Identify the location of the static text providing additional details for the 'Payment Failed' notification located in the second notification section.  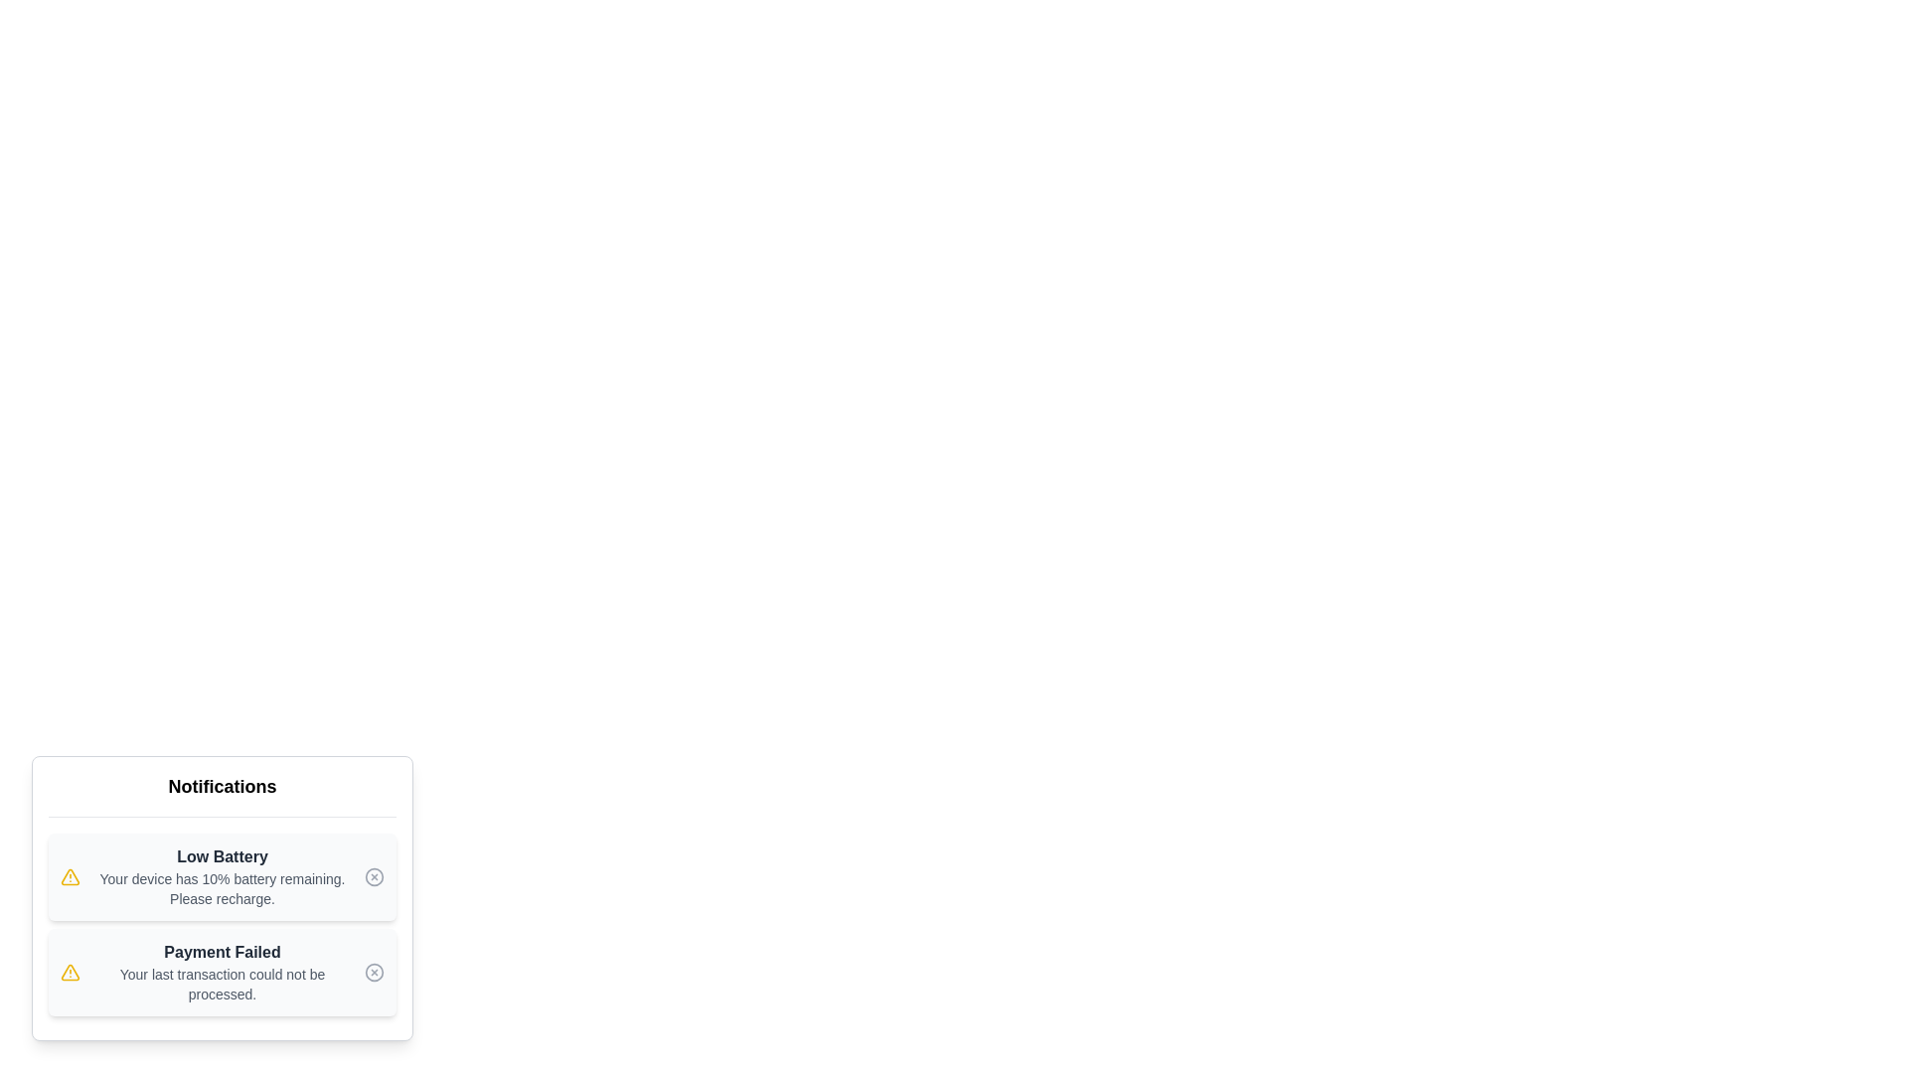
(223, 985).